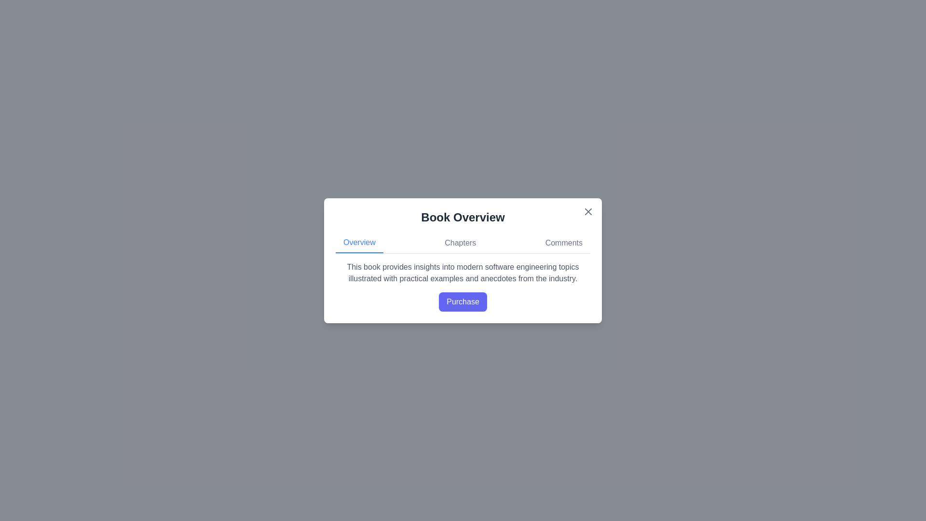 The image size is (926, 521). What do you see at coordinates (587, 211) in the screenshot?
I see `the diagonal line of the close icon in the top-right corner of the 'Book Overview' modal` at bounding box center [587, 211].